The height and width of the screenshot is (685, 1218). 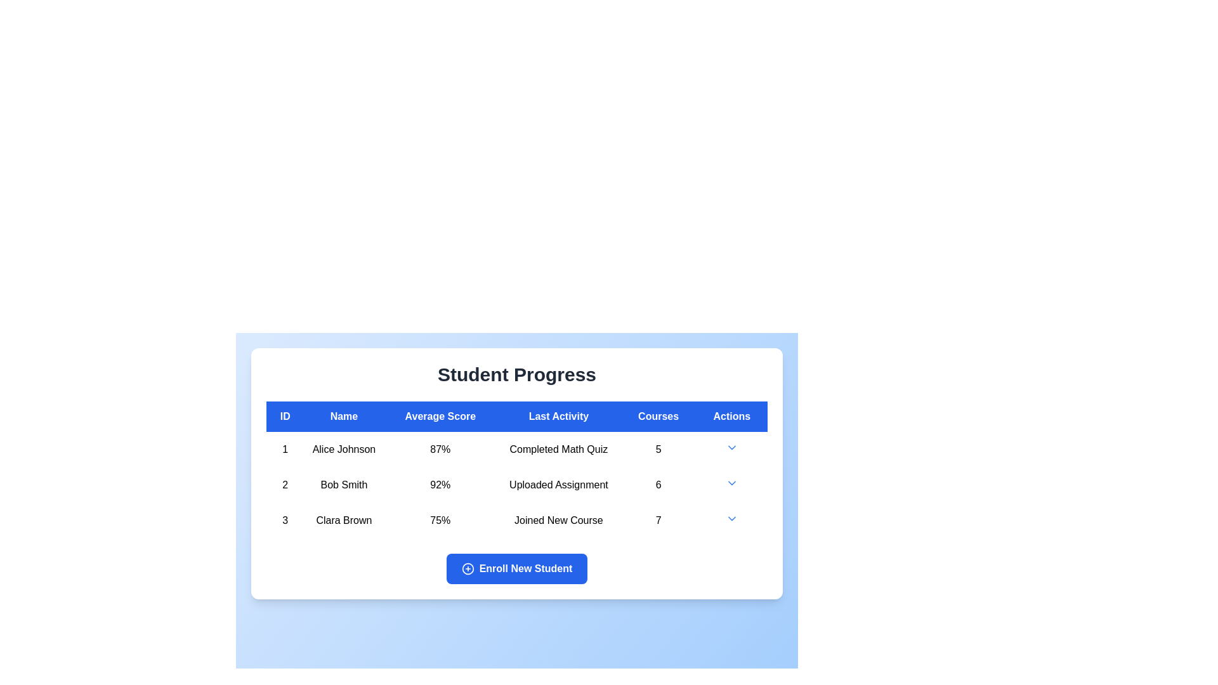 What do you see at coordinates (284, 521) in the screenshot?
I see `the numeric identifier text element that is the leftmost element of the third row in the table, indicating a student's ID` at bounding box center [284, 521].